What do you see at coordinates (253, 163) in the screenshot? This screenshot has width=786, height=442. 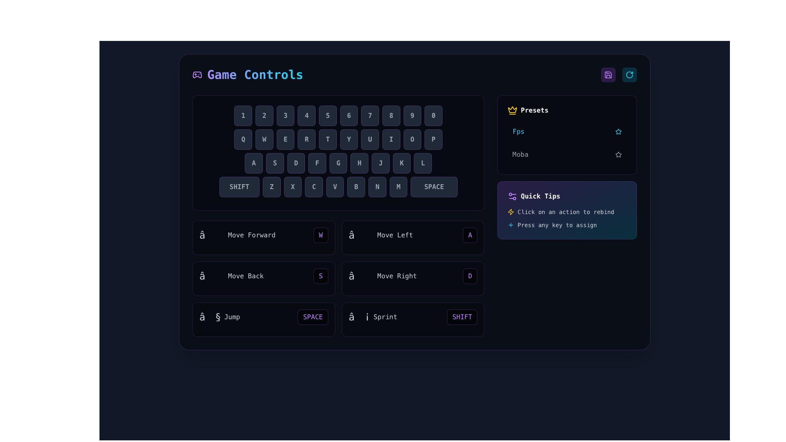 I see `the first button in the row containing the text 'ASDFGHJKL' to simulate a keypress on the virtual keyboard` at bounding box center [253, 163].